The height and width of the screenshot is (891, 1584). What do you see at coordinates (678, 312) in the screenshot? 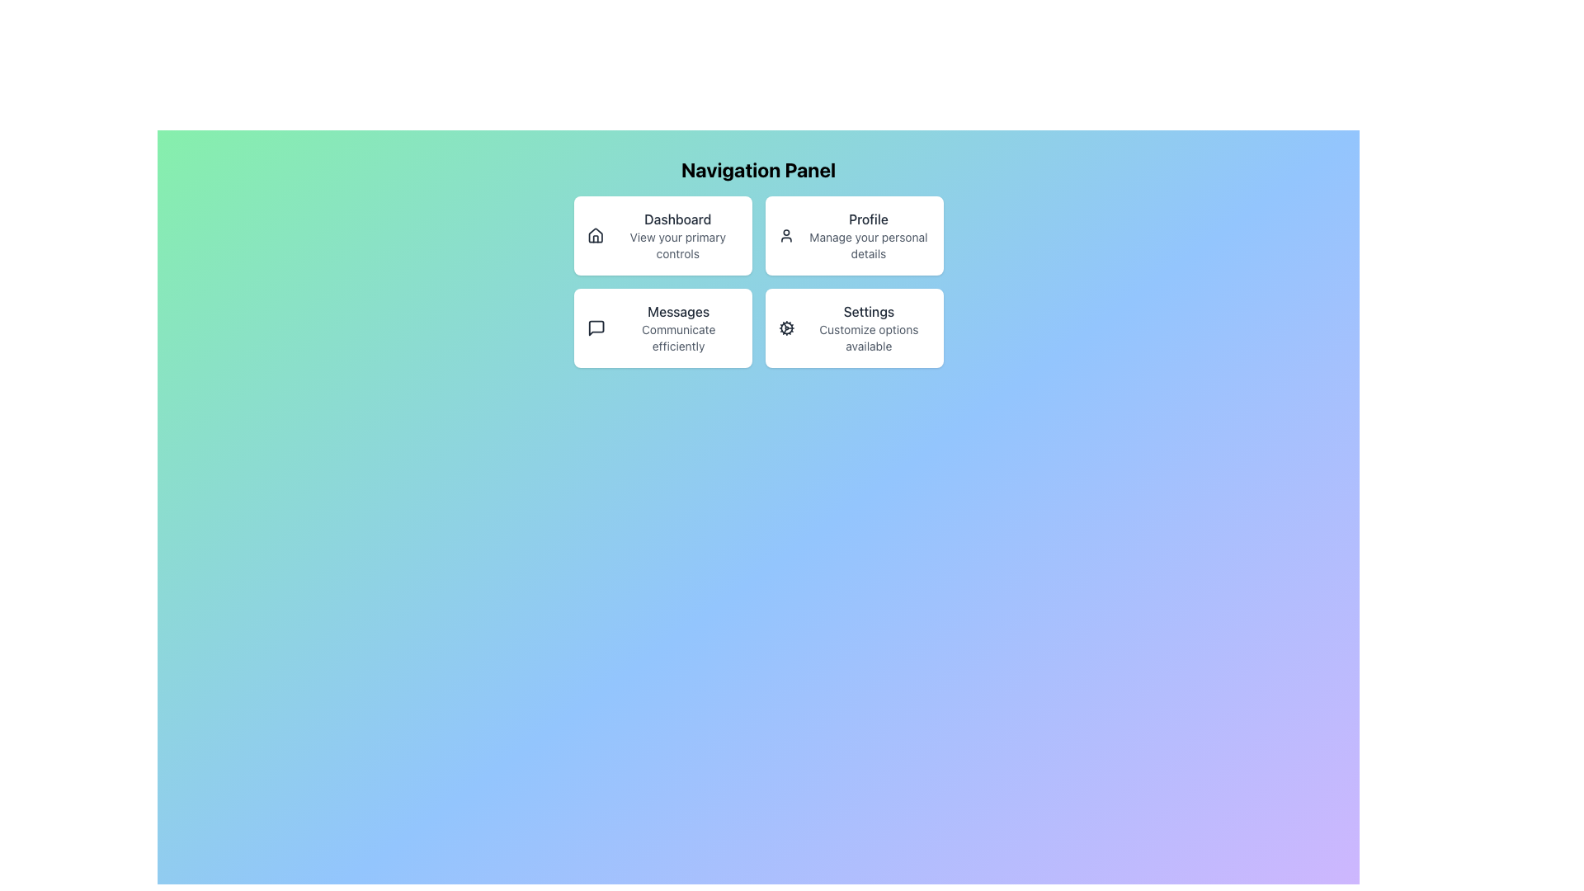
I see `the third panel of the dashboard grid associated with the 'Messages' text label, which is located above 'Communicate efficiently'` at bounding box center [678, 312].